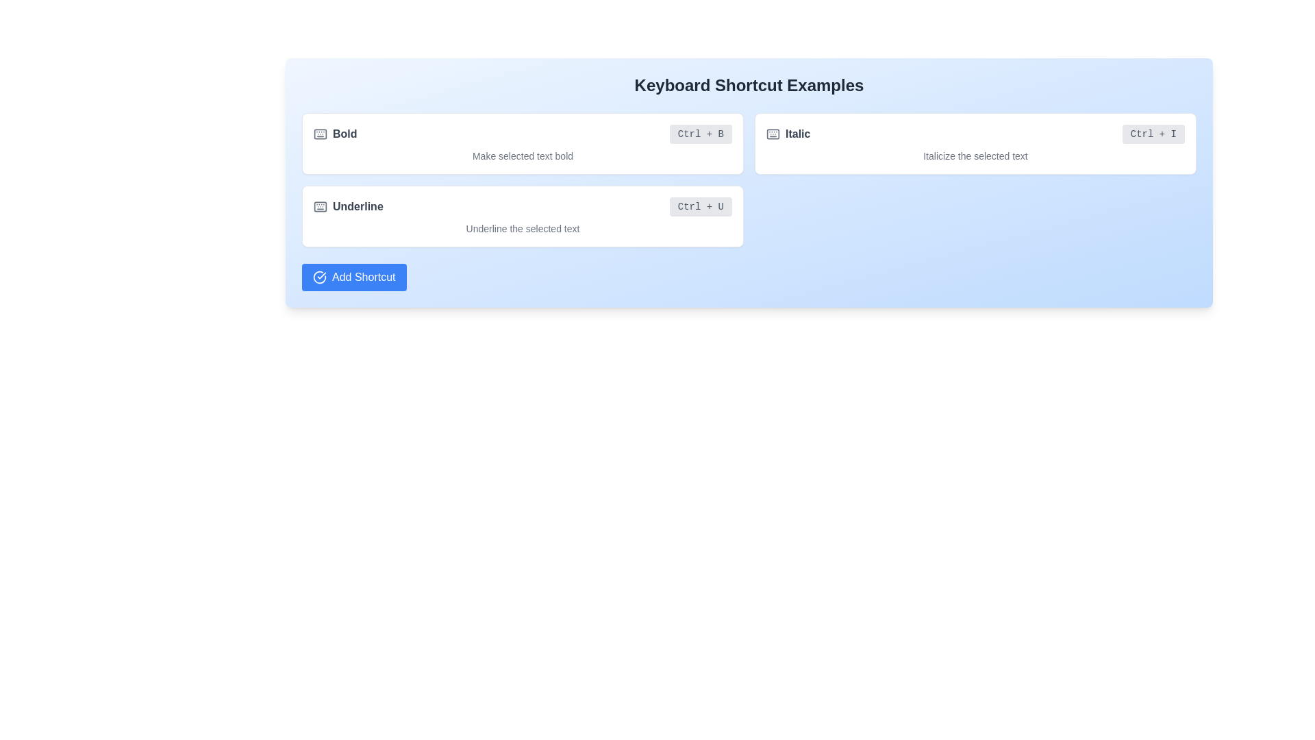  I want to click on the text element displaying 'Italic' in bold gray font, which is located at the top-right corner of the interface among keyboard shortcut indicators, so click(798, 134).